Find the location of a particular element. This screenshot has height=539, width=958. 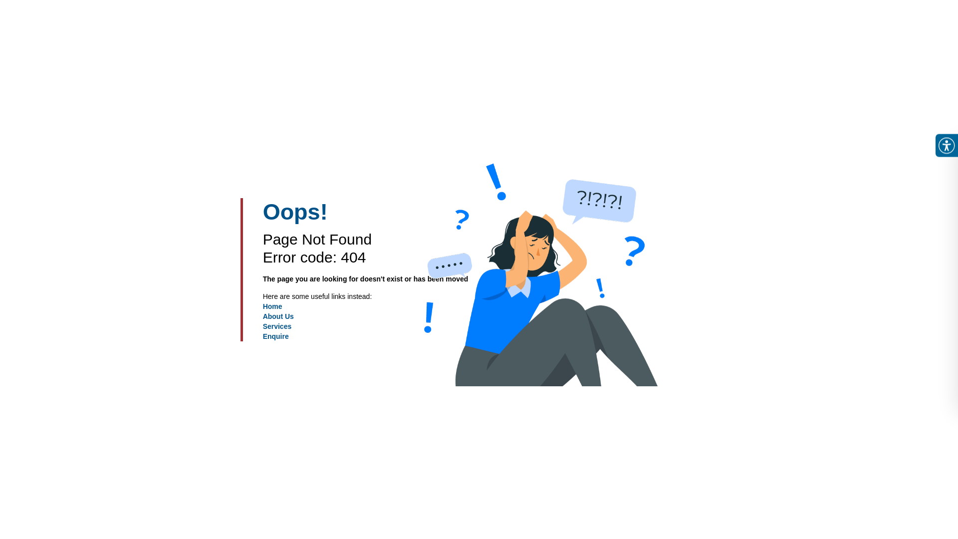

'Home' is located at coordinates (272, 305).